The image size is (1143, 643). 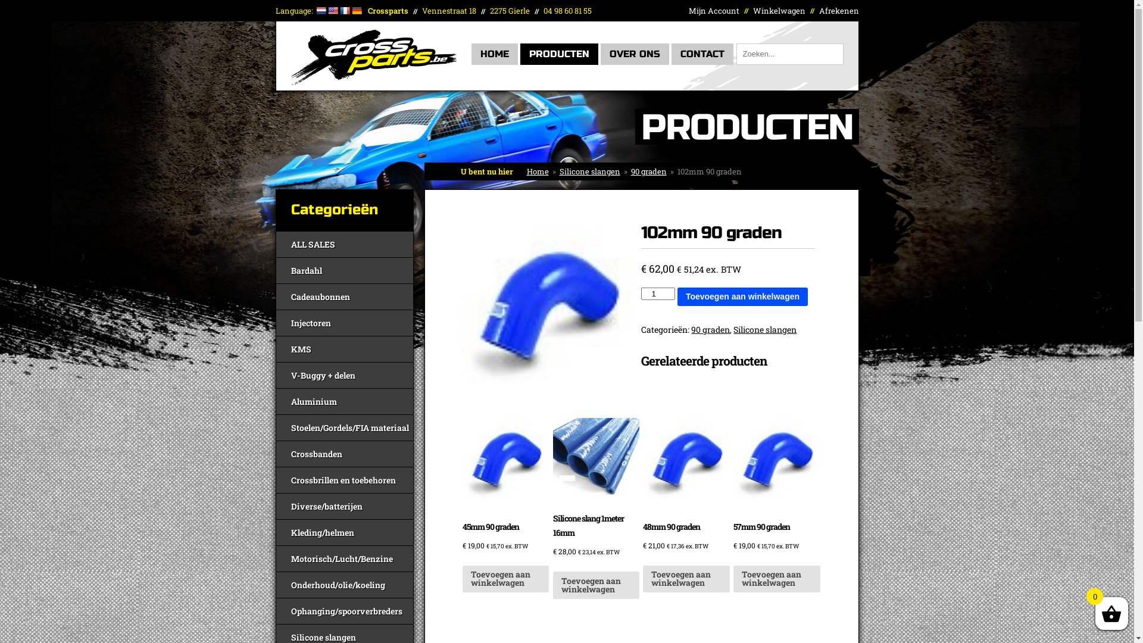 I want to click on 'English', so click(x=332, y=11).